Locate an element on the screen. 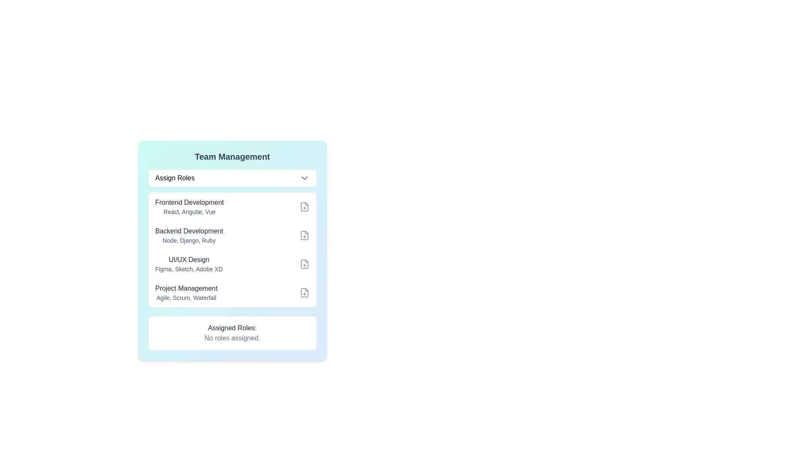  the text label reading 'Backend Development', which is the second item in the vertically aligned list of roles within the 'Team Management' card is located at coordinates (188, 231).